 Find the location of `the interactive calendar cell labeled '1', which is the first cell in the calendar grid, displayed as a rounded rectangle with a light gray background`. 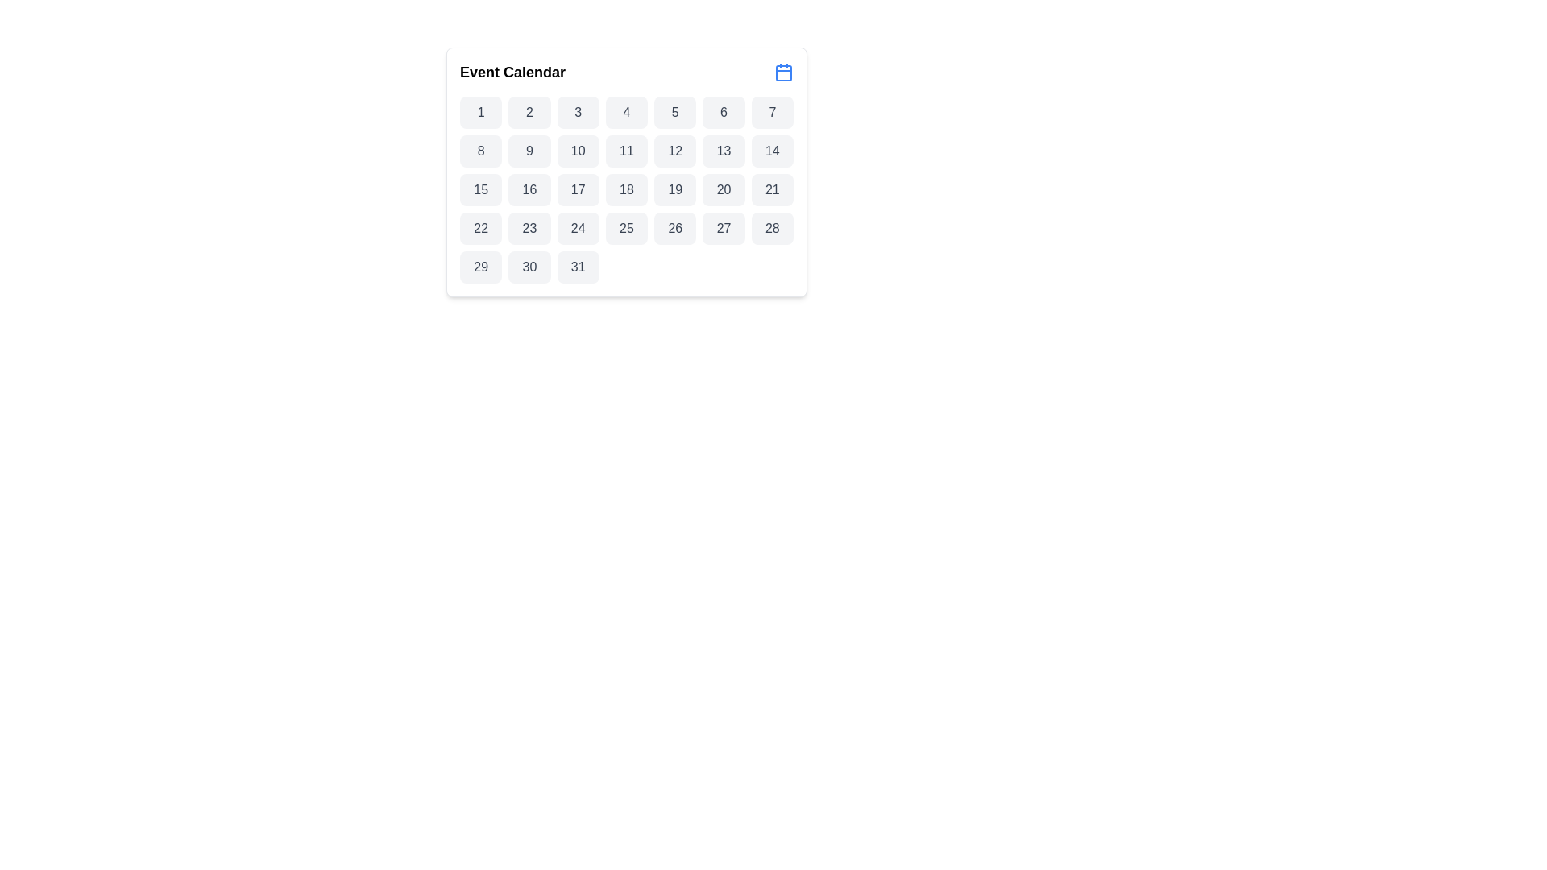

the interactive calendar cell labeled '1', which is the first cell in the calendar grid, displayed as a rounded rectangle with a light gray background is located at coordinates (480, 111).